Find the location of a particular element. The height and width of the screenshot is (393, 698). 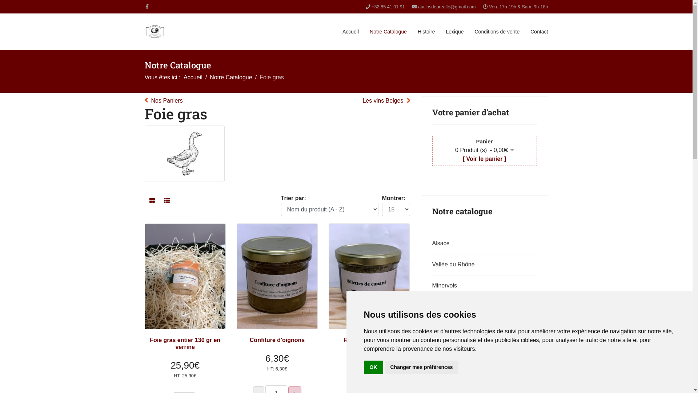

'Foie gras entier 130 gr en verrine' is located at coordinates (185, 344).